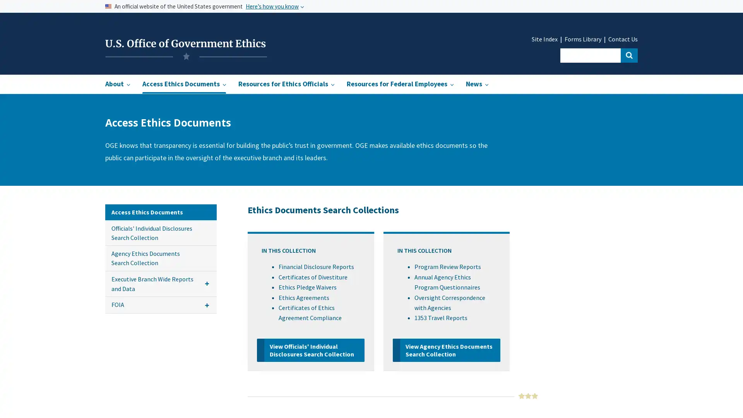 This screenshot has width=743, height=418. I want to click on FOIA, so click(161, 304).